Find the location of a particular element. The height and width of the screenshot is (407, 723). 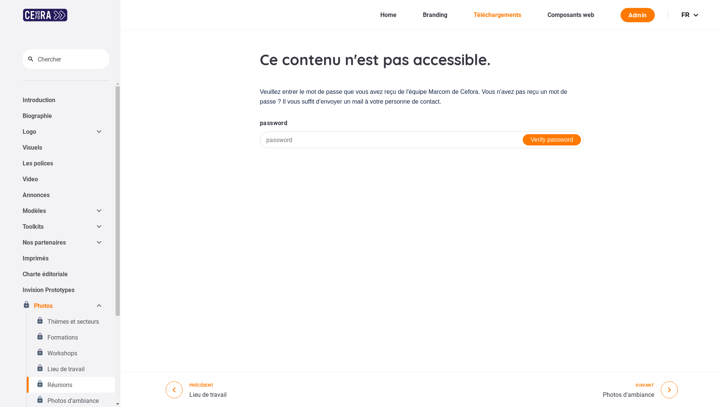

'Branding' is located at coordinates (435, 14).